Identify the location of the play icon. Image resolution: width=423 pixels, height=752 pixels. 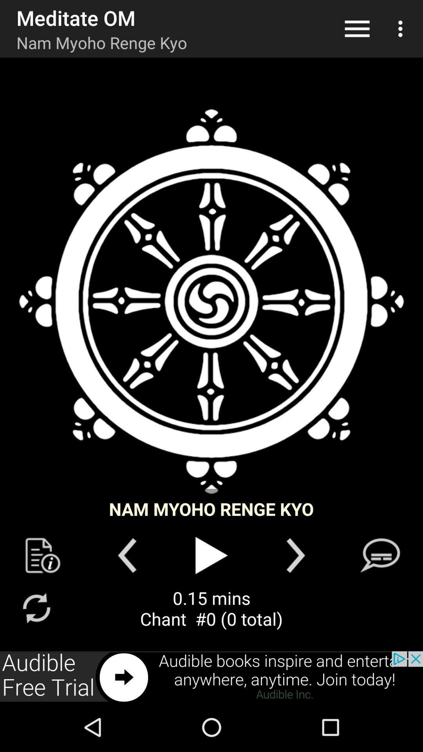
(211, 555).